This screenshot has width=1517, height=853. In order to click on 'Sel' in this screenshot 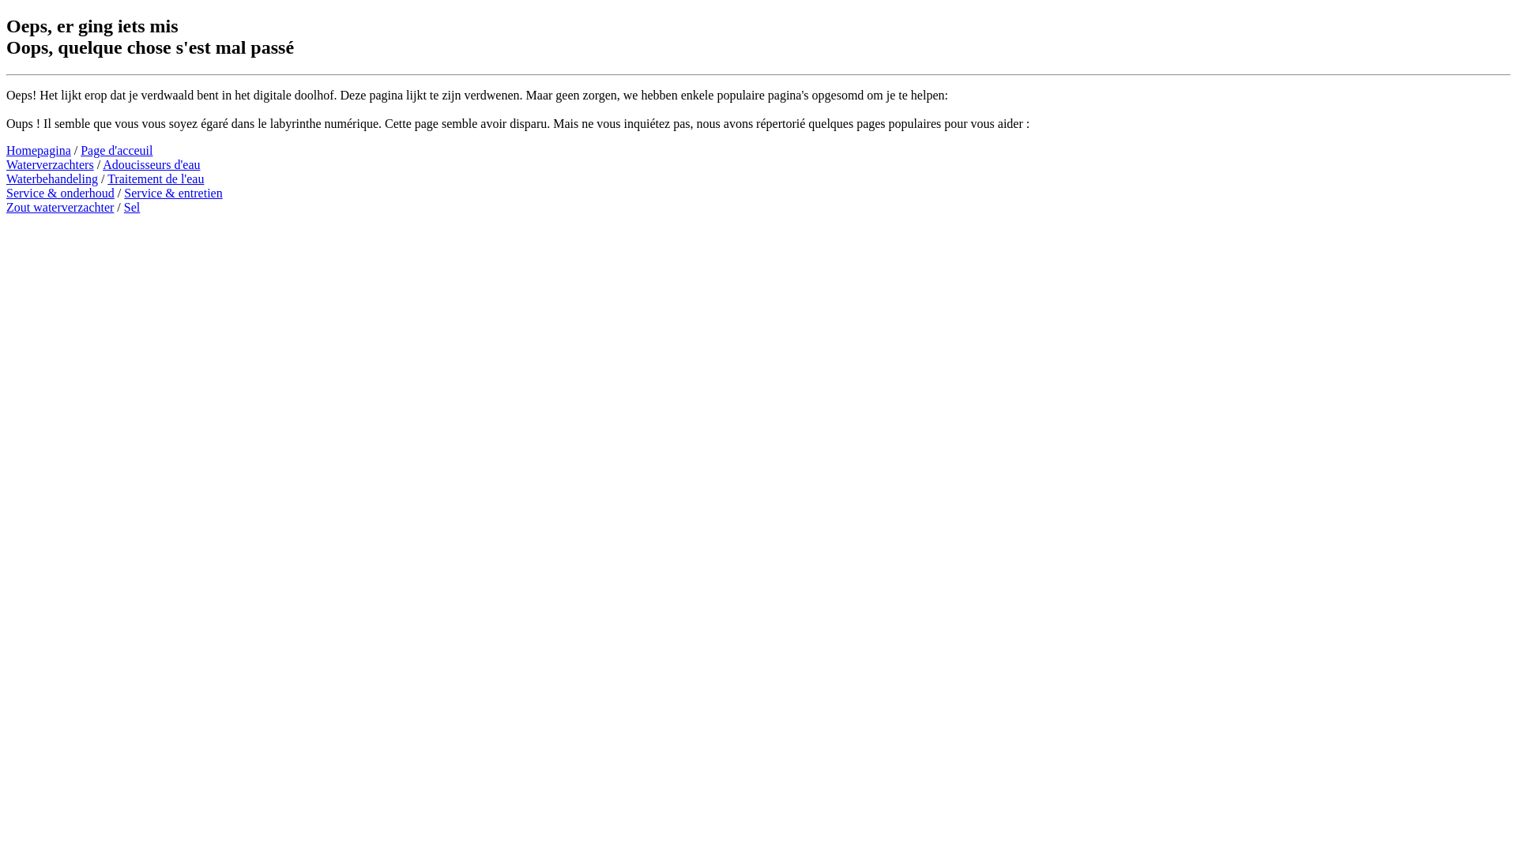, I will do `click(132, 206)`.